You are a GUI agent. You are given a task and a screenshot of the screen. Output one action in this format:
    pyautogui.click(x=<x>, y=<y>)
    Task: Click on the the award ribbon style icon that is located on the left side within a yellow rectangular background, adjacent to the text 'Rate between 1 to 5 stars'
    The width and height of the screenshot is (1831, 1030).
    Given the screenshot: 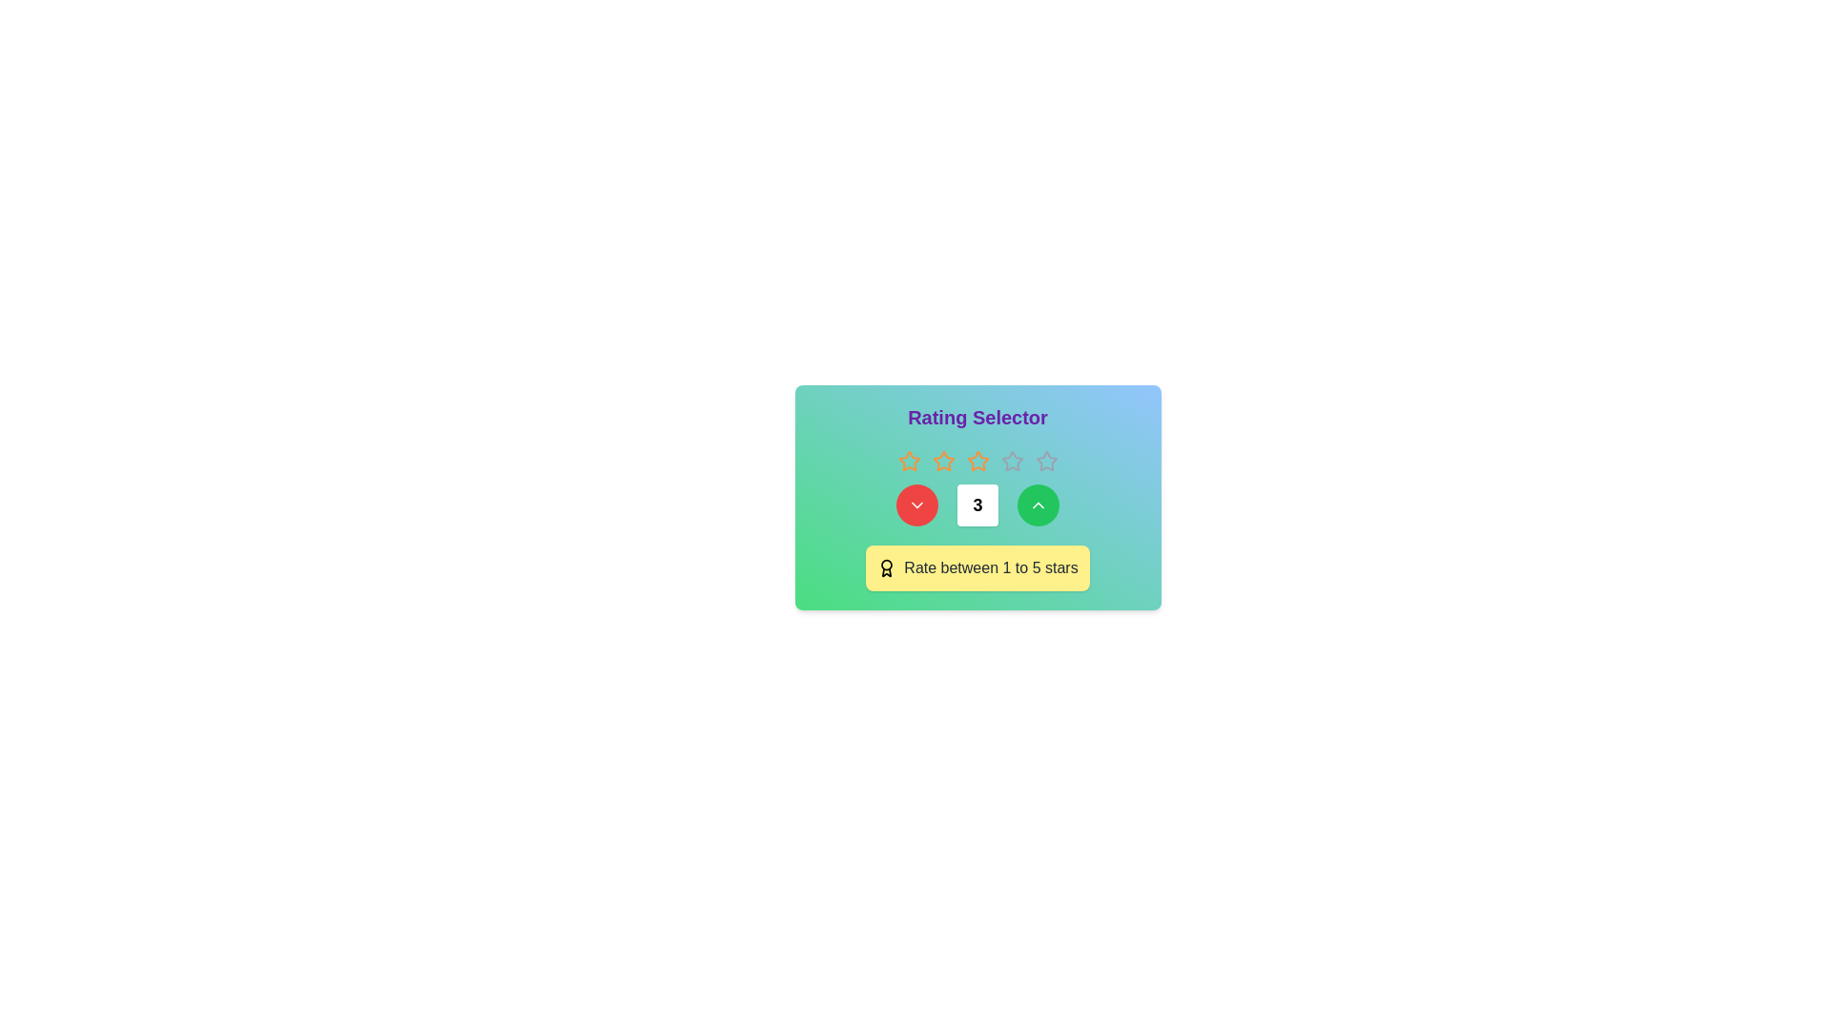 What is the action you would take?
    pyautogui.click(x=886, y=567)
    